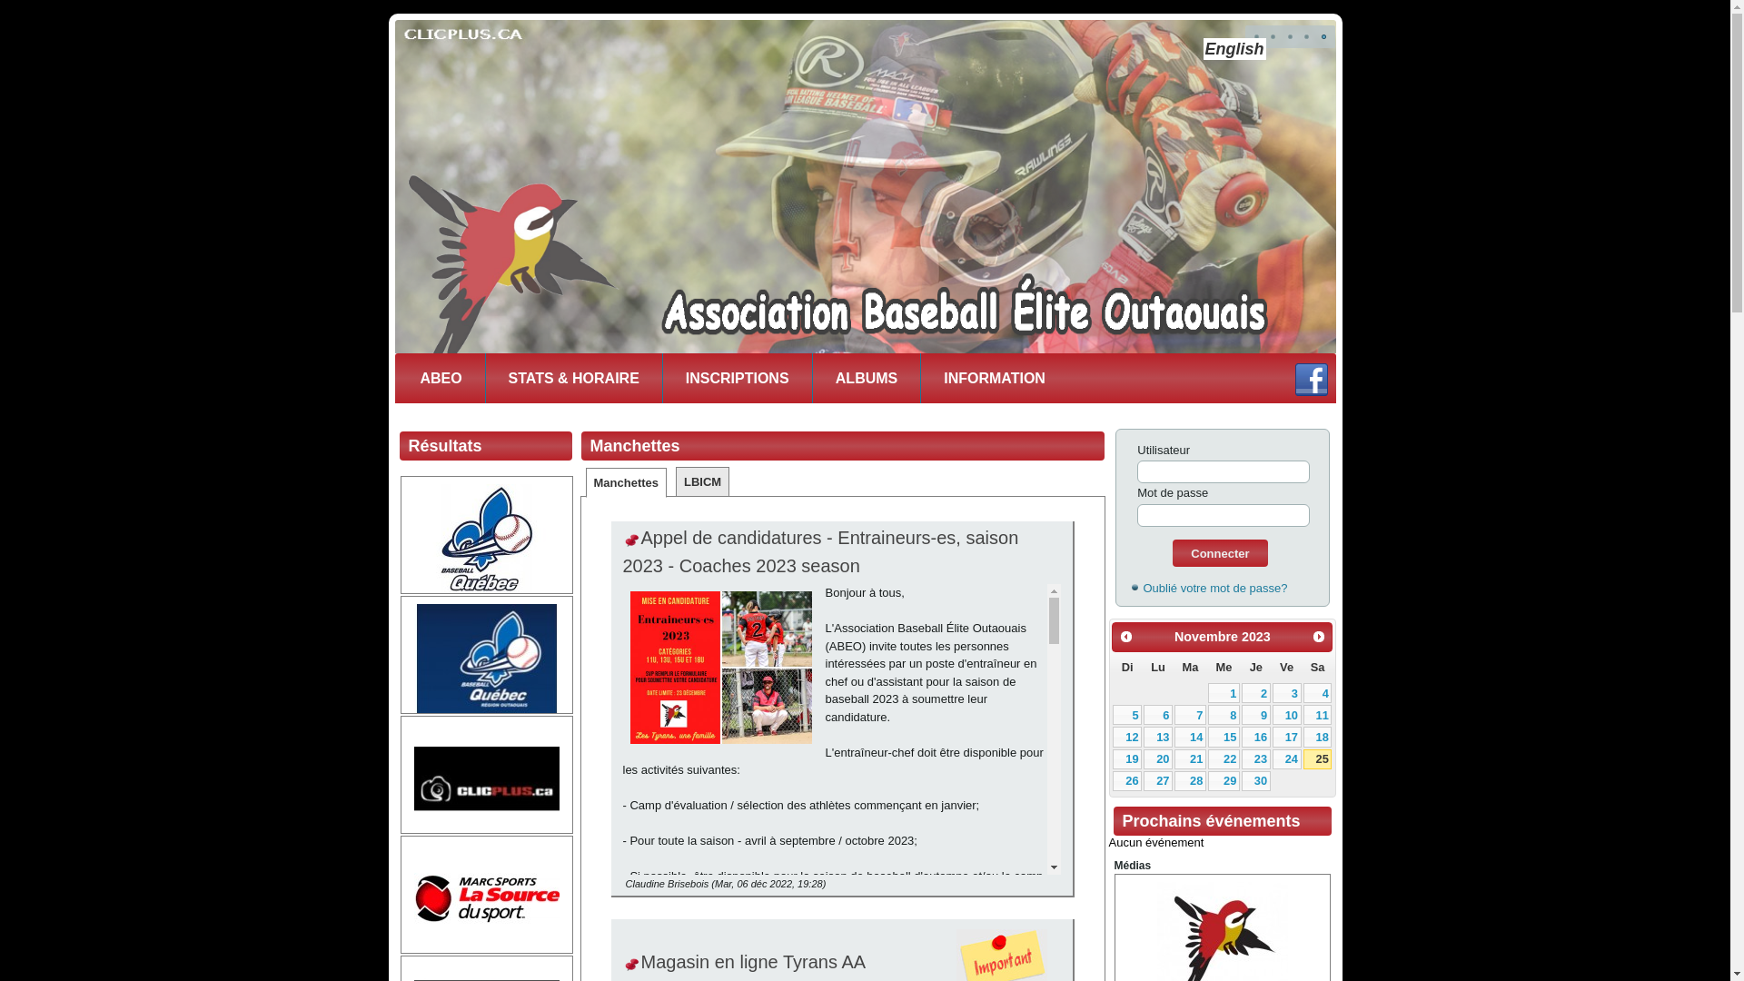 This screenshot has width=1744, height=981. What do you see at coordinates (1157, 713) in the screenshot?
I see `'6'` at bounding box center [1157, 713].